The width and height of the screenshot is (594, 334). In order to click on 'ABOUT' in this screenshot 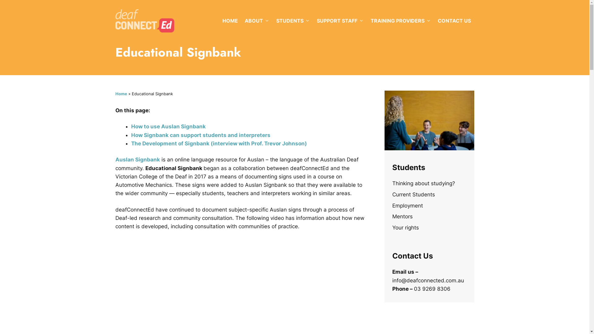, I will do `click(257, 20)`.